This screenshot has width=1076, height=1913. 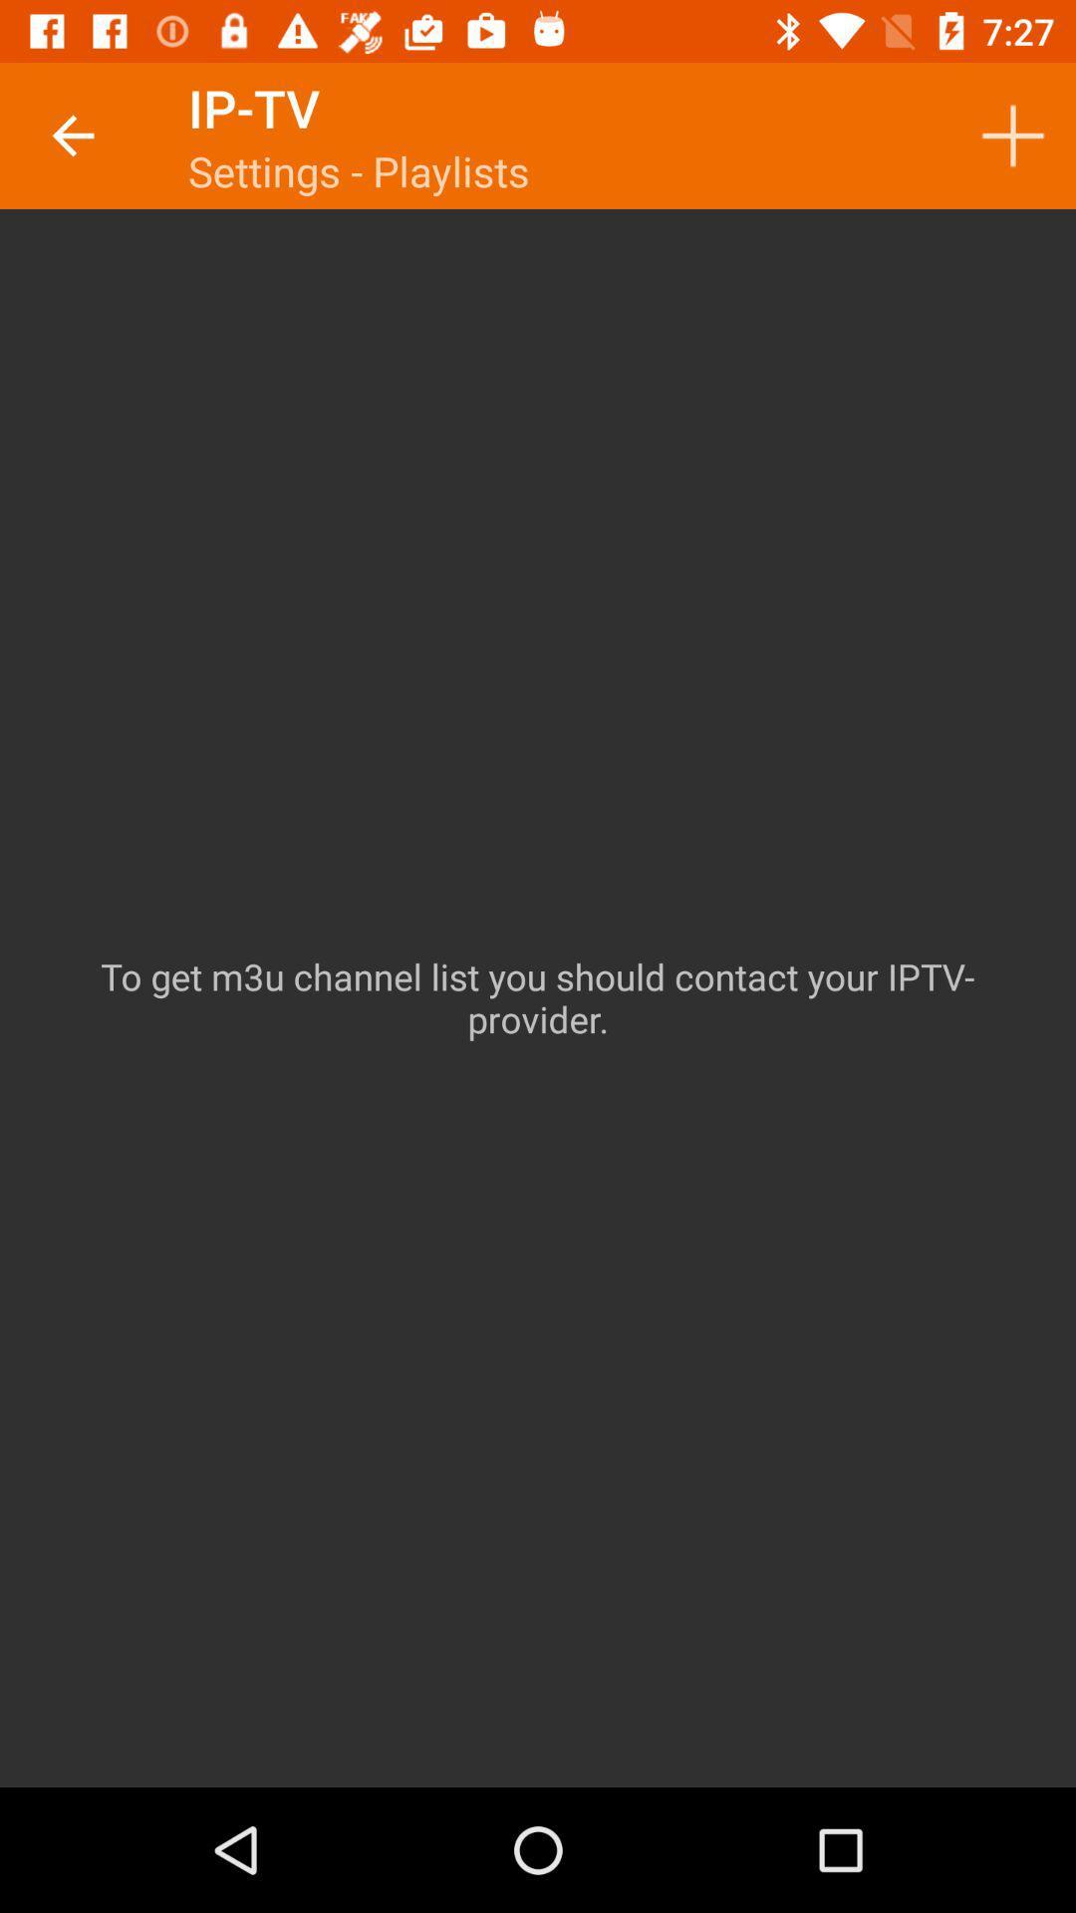 I want to click on icon to the right of the settings - playlists item, so click(x=1013, y=135).